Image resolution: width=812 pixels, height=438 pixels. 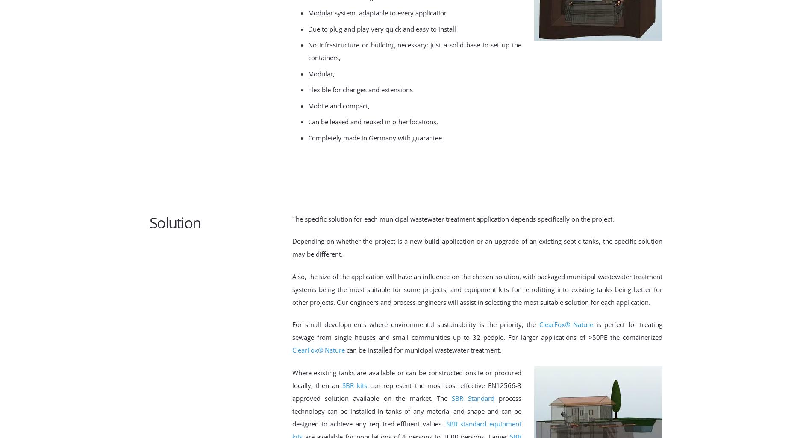 I want to click on 'For small developments where environmental sustainability is the priority, the', so click(x=415, y=324).